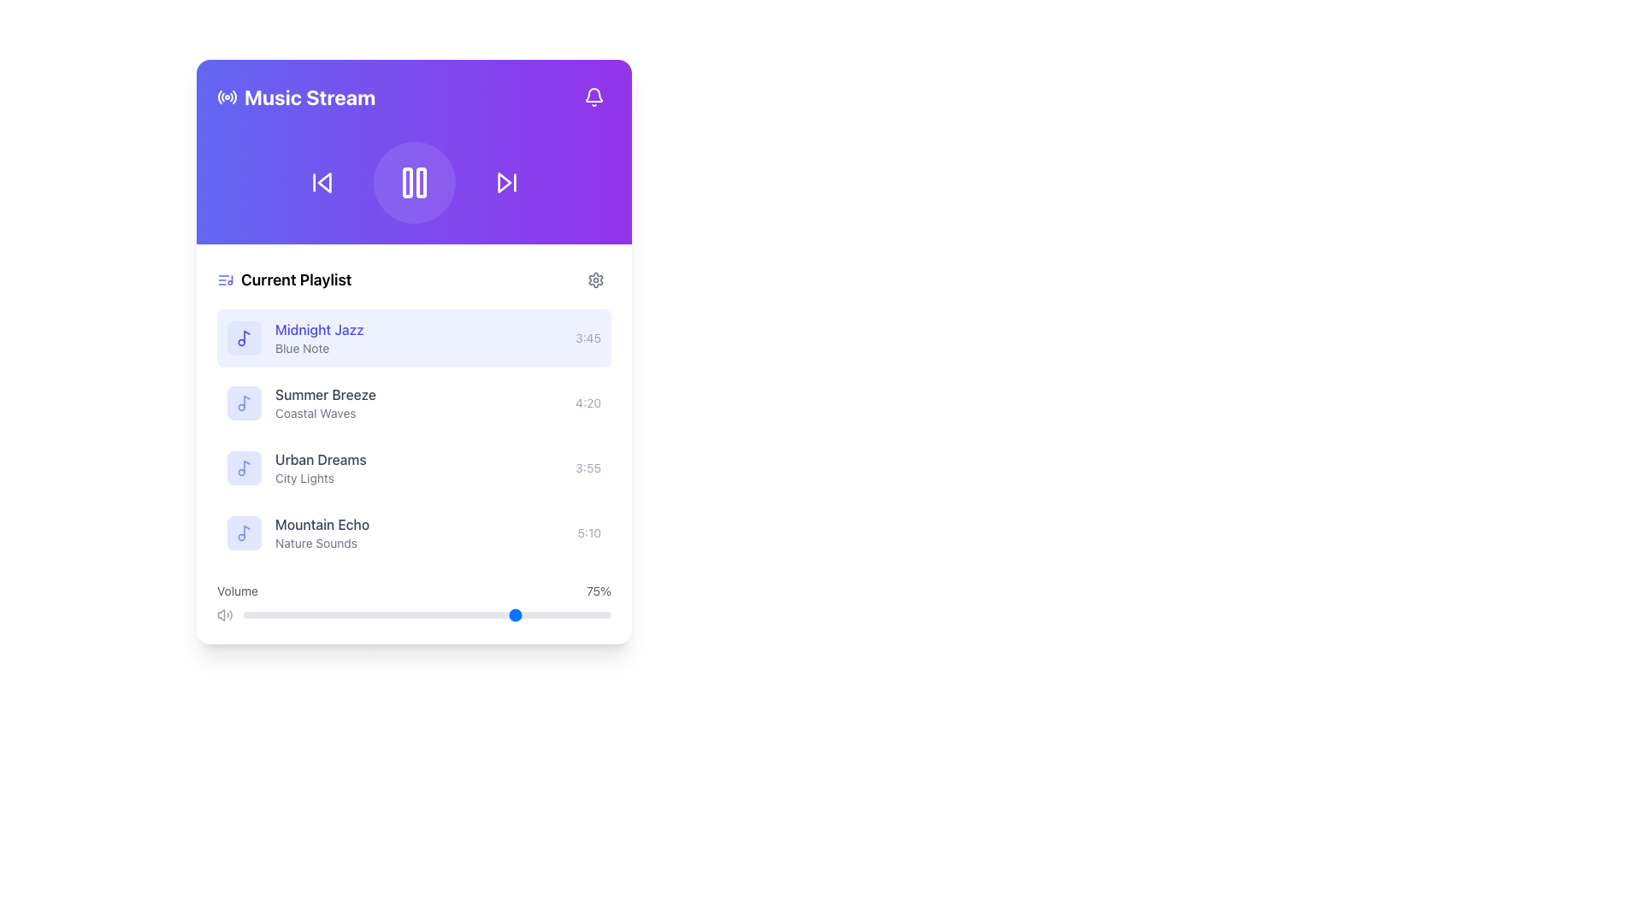  I want to click on the second item in the playlist, 'Summer Breeze', so click(414, 403).